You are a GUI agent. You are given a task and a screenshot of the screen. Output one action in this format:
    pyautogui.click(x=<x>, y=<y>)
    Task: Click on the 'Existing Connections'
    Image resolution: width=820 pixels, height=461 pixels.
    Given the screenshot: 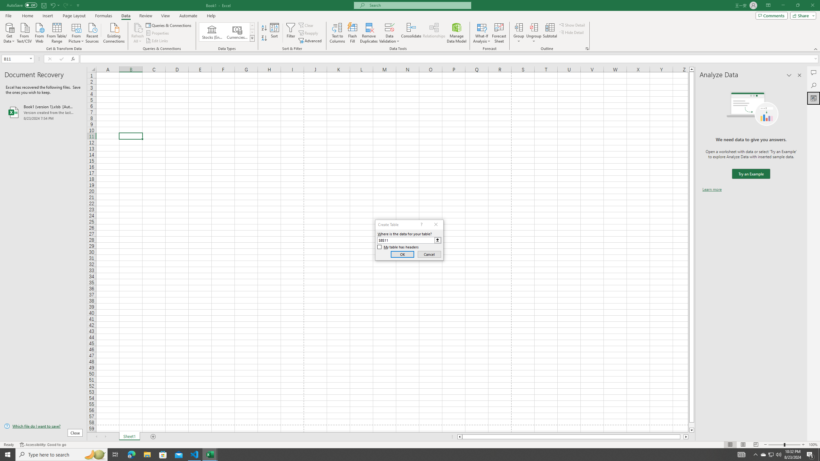 What is the action you would take?
    pyautogui.click(x=113, y=32)
    